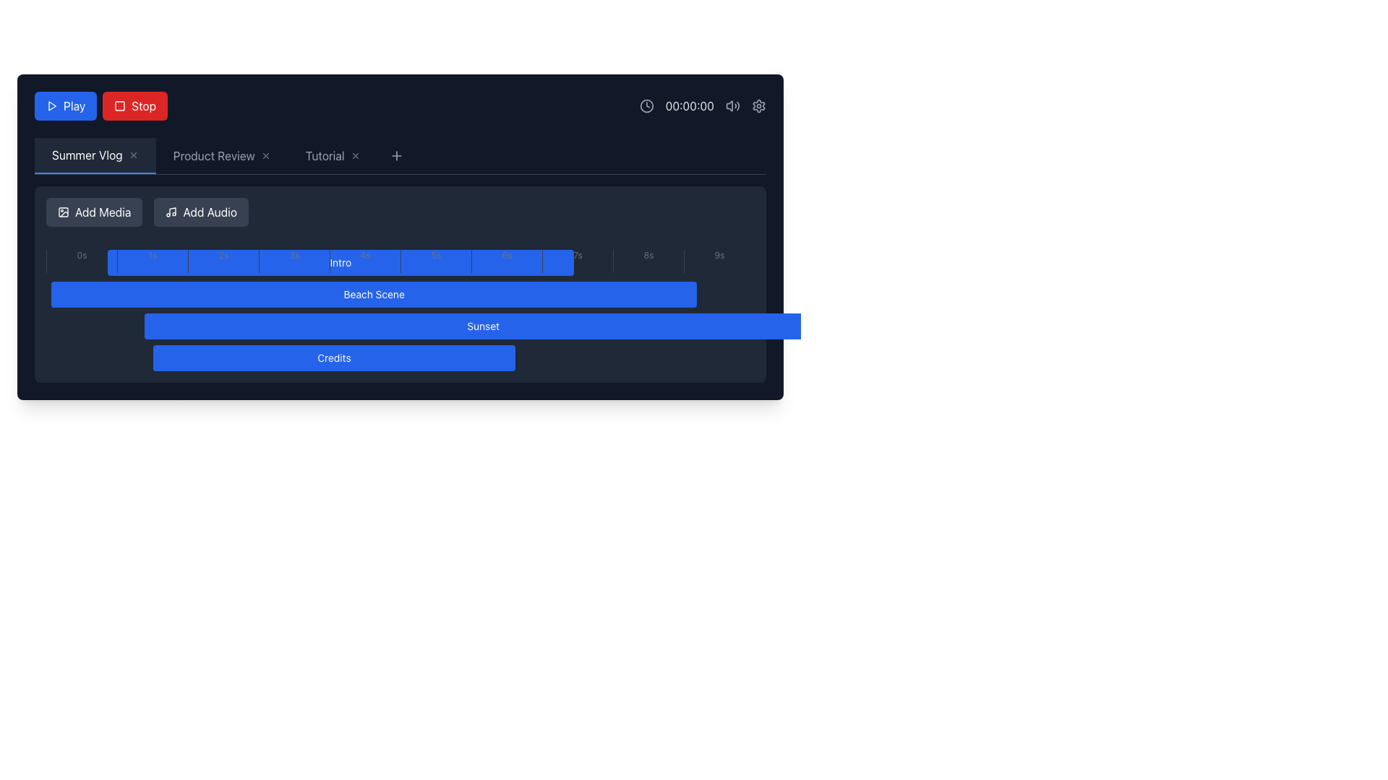 This screenshot has width=1388, height=780. What do you see at coordinates (65, 105) in the screenshot?
I see `the blue rectangular 'Play' button with rounded corners located at the top-left corner of the interface` at bounding box center [65, 105].